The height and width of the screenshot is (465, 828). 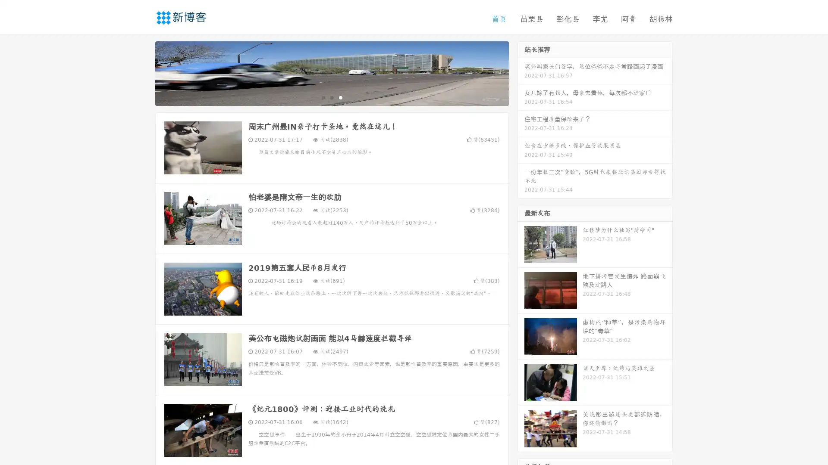 What do you see at coordinates (331, 97) in the screenshot?
I see `Go to slide 2` at bounding box center [331, 97].